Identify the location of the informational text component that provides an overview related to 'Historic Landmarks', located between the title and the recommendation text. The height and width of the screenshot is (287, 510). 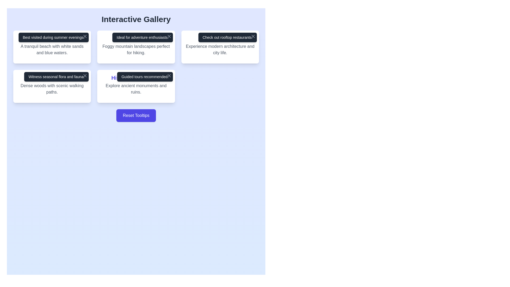
(136, 89).